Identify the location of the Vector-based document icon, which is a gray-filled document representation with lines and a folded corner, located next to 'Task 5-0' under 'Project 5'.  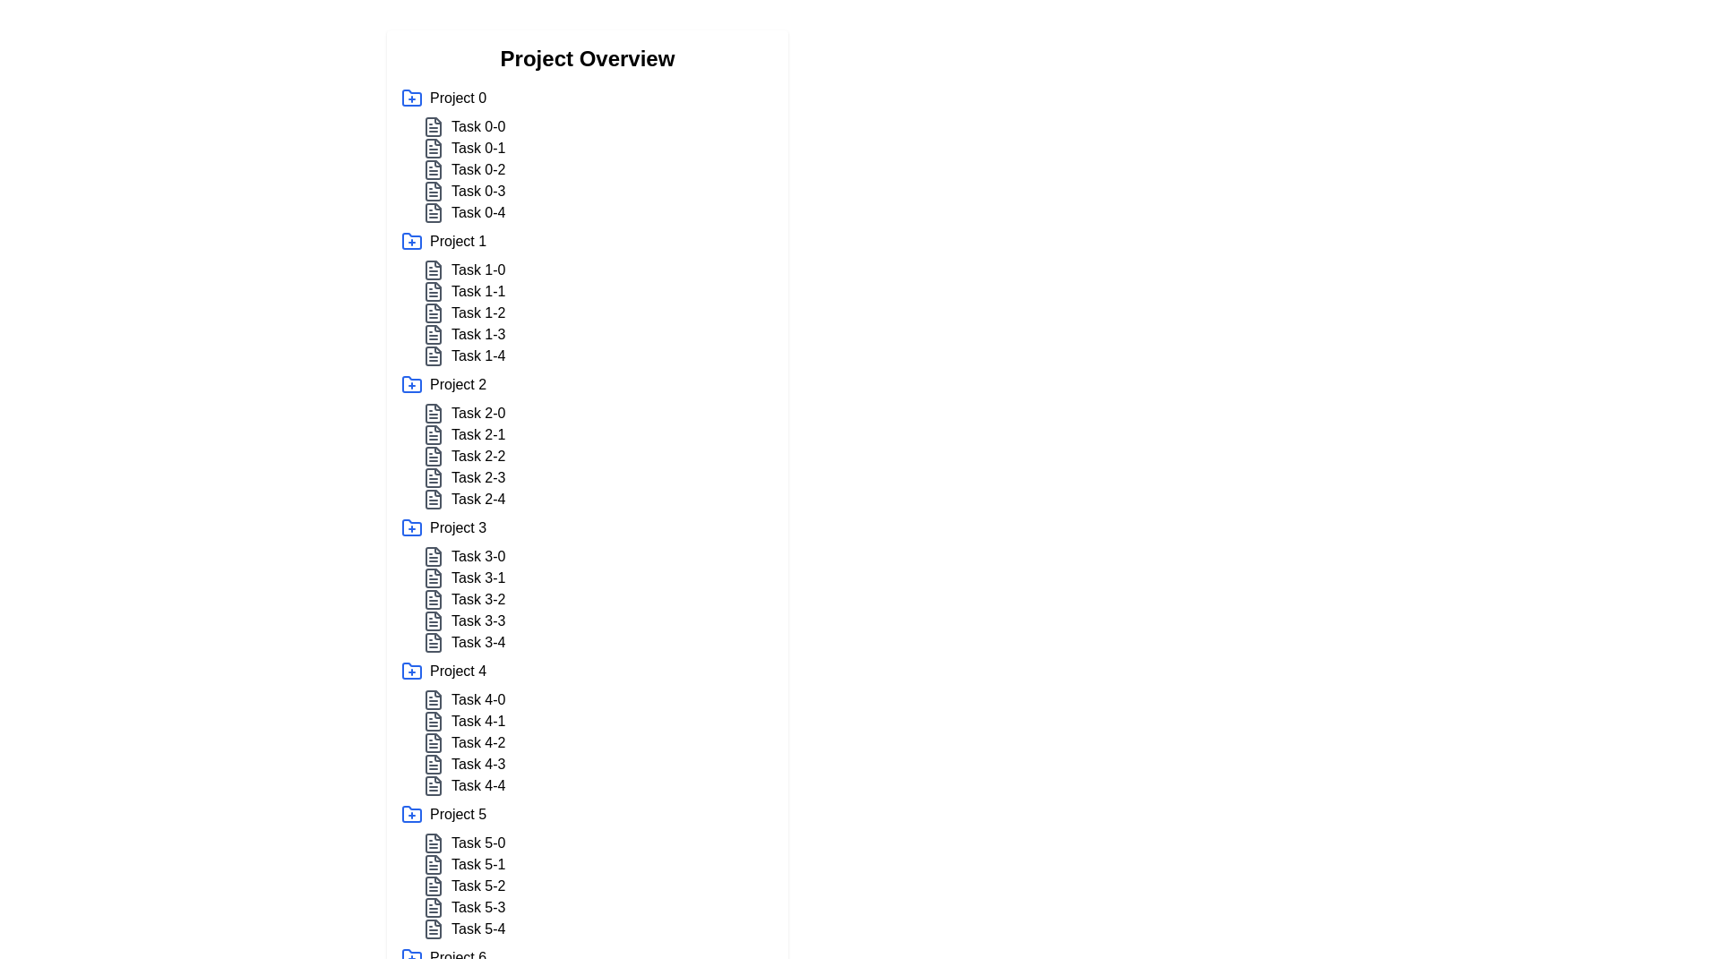
(434, 843).